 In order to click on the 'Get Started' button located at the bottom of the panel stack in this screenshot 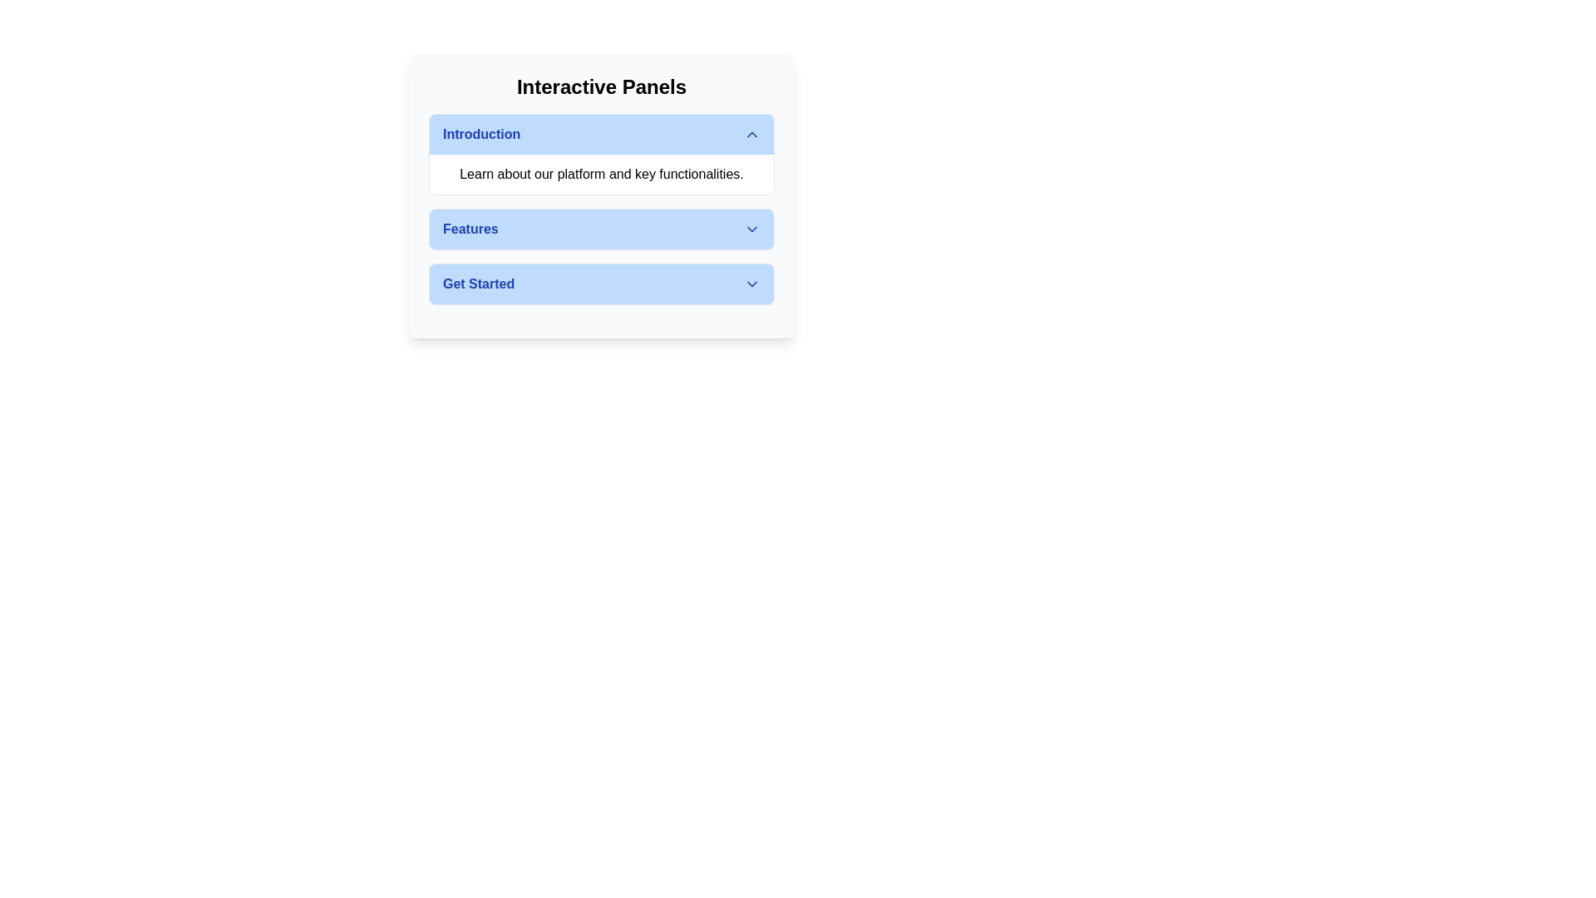, I will do `click(601, 284)`.